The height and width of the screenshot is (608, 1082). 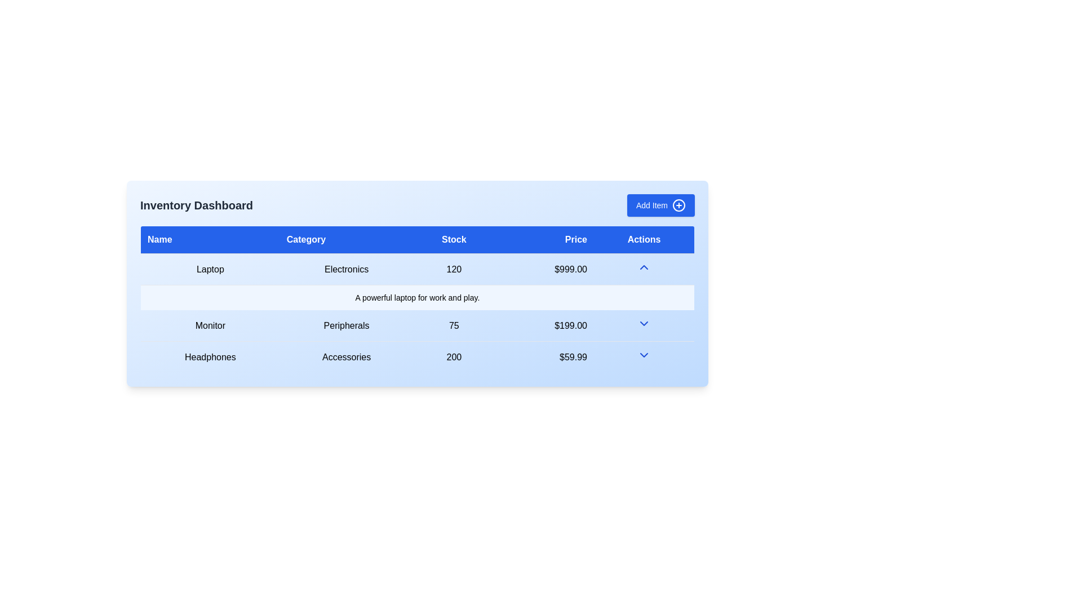 I want to click on the header cell labeled 'Actions', which has a blue background and white text, located at the top row of the table, so click(x=644, y=239).